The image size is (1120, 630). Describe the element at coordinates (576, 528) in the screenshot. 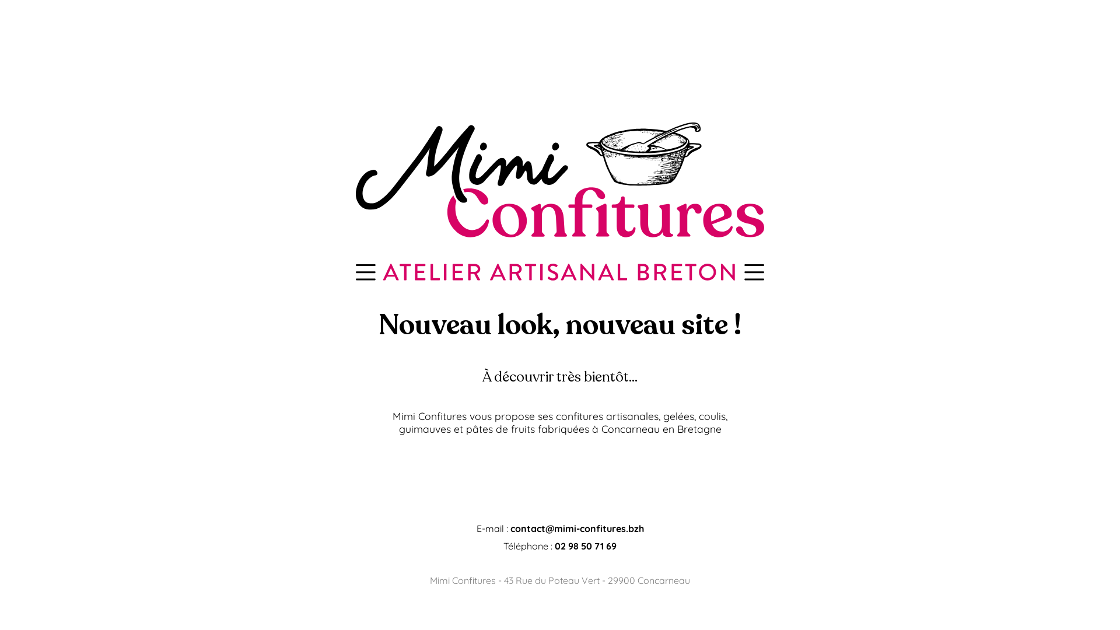

I see `'contact@mimi-confitures.bzh'` at that location.